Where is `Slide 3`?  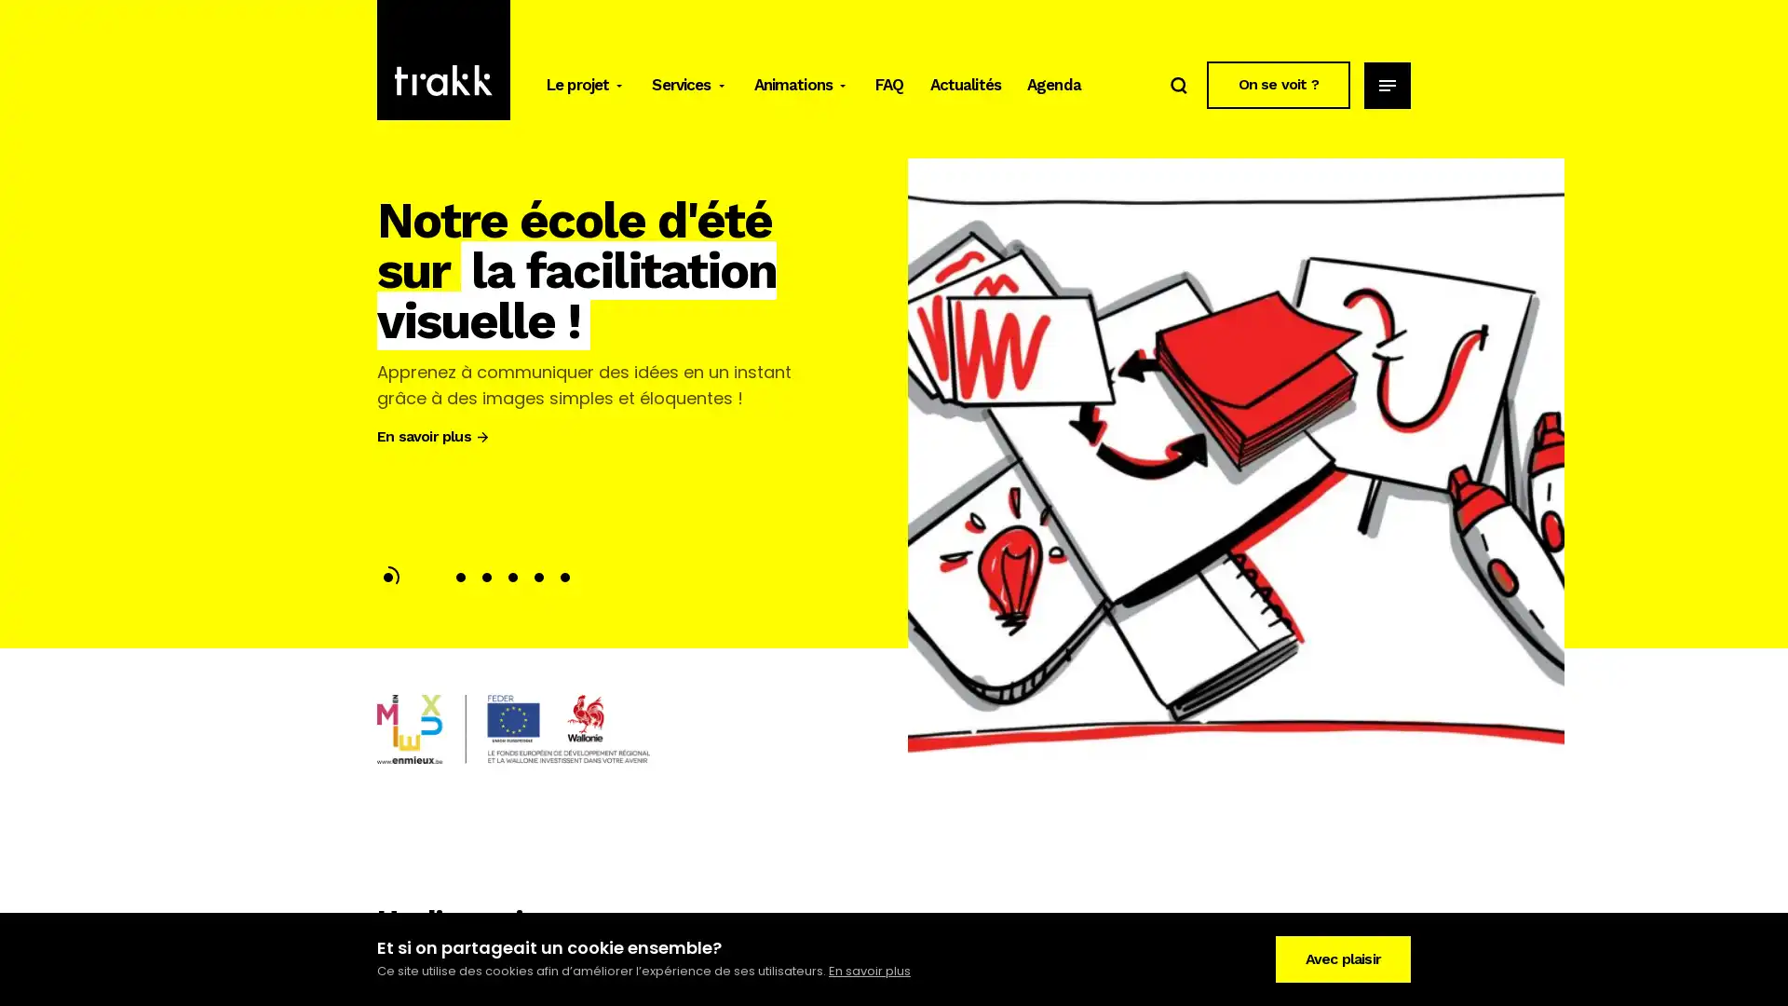
Slide 3 is located at coordinates (487, 577).